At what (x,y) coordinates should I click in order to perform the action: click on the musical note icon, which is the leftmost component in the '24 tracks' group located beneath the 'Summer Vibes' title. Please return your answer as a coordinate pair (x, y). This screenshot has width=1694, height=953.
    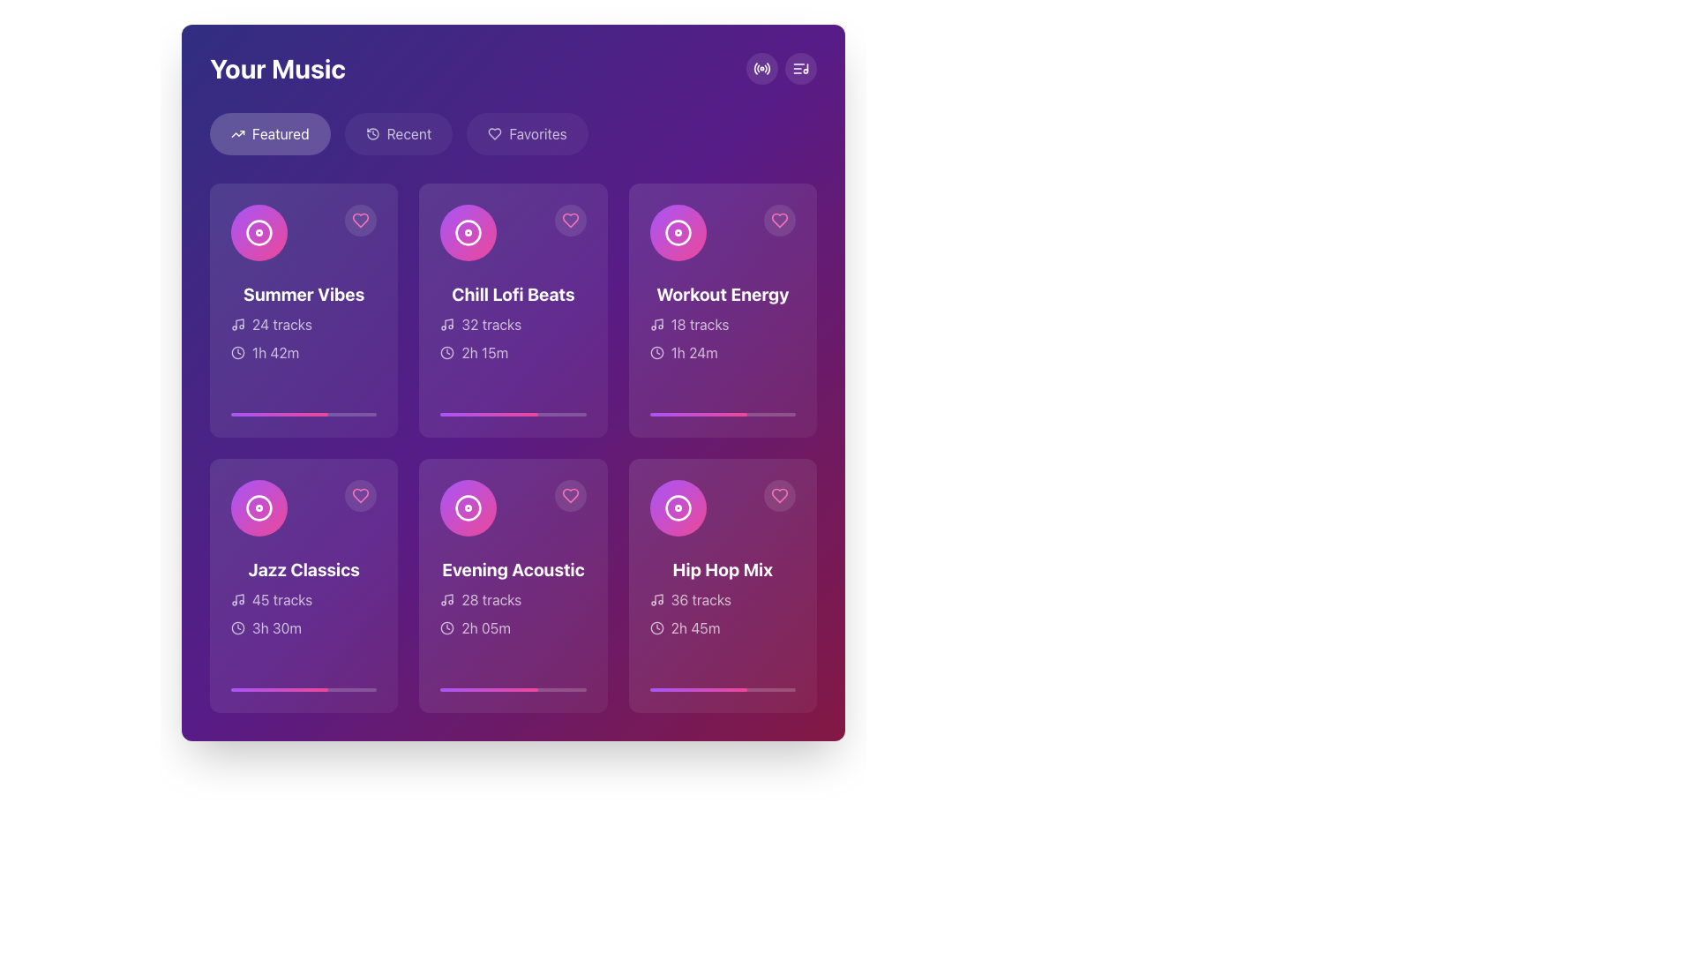
    Looking at the image, I should click on (236, 324).